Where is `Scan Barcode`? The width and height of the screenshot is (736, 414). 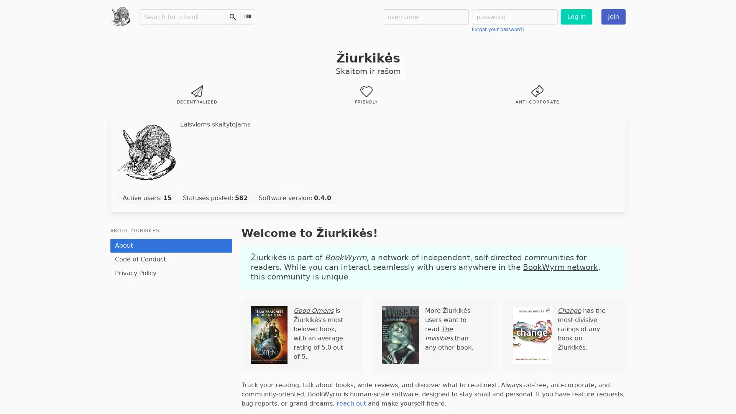 Scan Barcode is located at coordinates (247, 16).